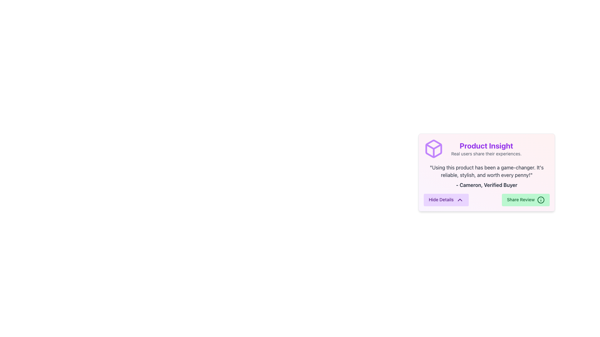 This screenshot has width=600, height=337. Describe the element at coordinates (486, 149) in the screenshot. I see `header component of the testimonial card, which is positioned at the top section and centered horizontally within the card` at that location.